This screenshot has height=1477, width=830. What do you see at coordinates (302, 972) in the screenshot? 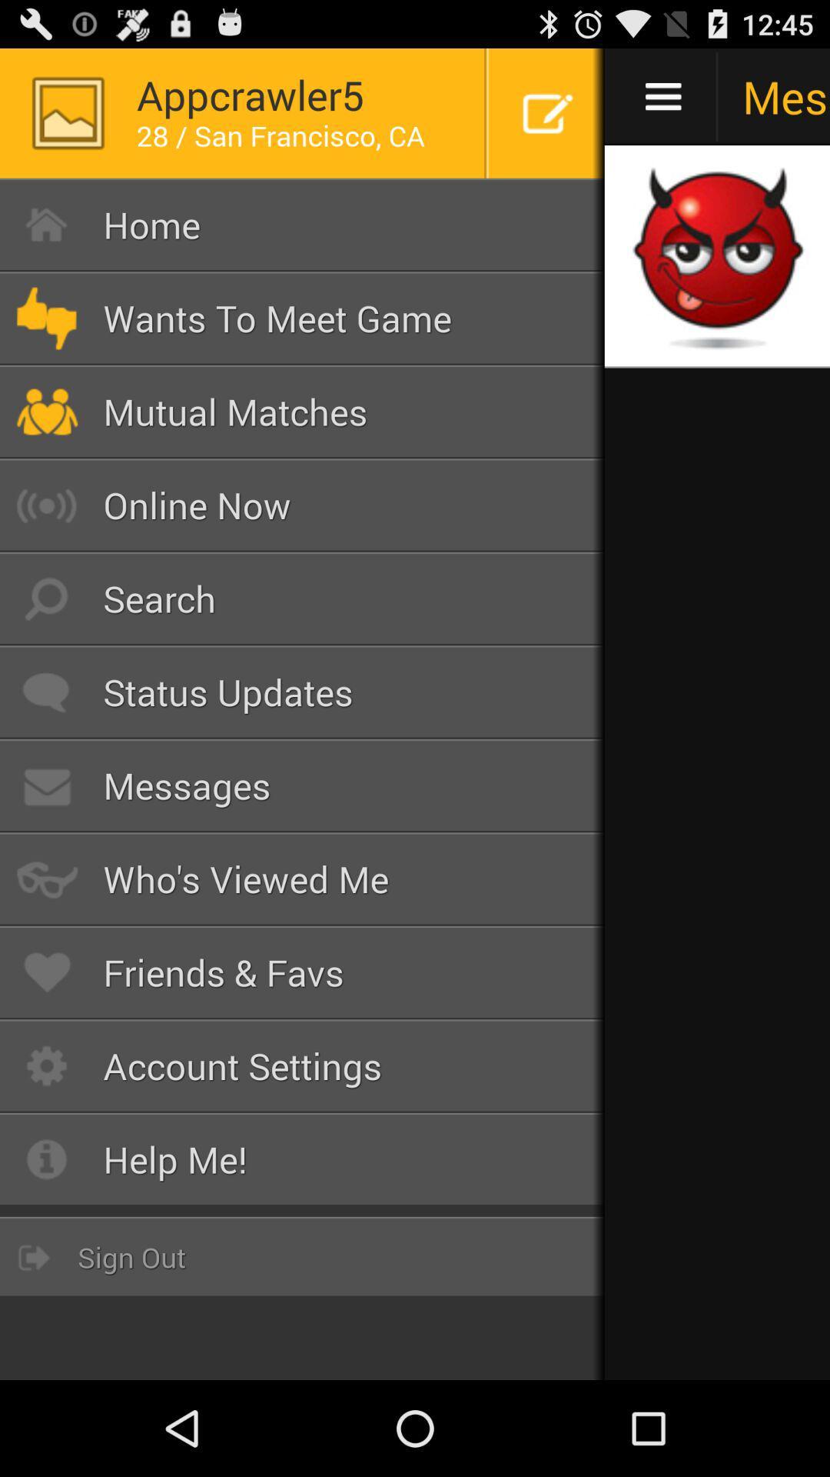
I see `the icon above the account settings button` at bounding box center [302, 972].